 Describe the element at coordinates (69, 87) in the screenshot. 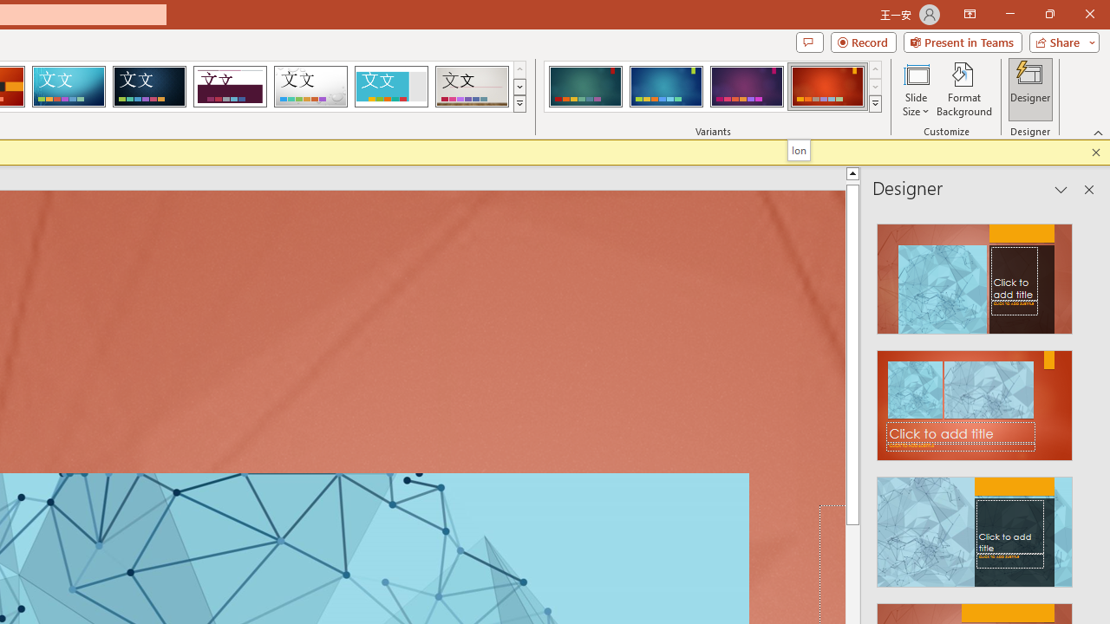

I see `'Circuit'` at that location.